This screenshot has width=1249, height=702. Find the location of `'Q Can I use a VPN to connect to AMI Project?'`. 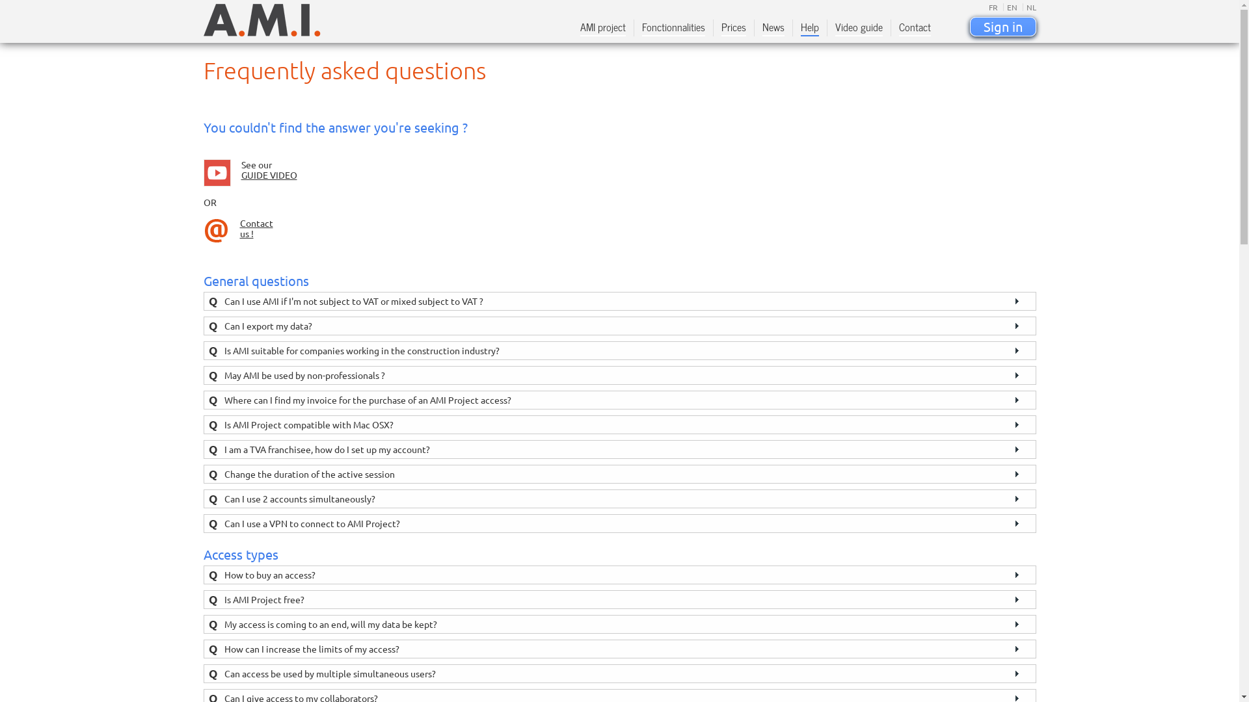

'Q Can I use a VPN to connect to AMI Project?' is located at coordinates (618, 523).